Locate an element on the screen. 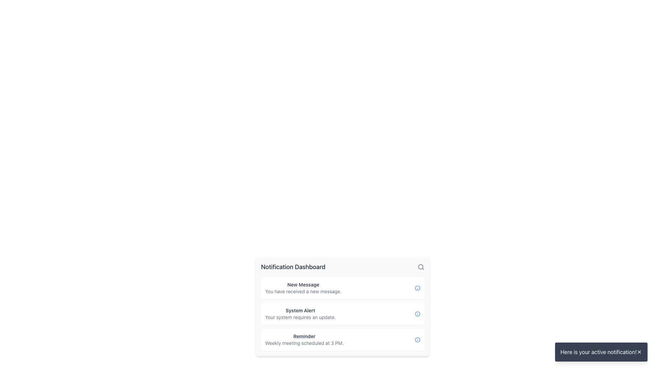  the 'New Message' text label, which is bold, dark gray, and serves as the title above the new message notification is located at coordinates (303, 284).